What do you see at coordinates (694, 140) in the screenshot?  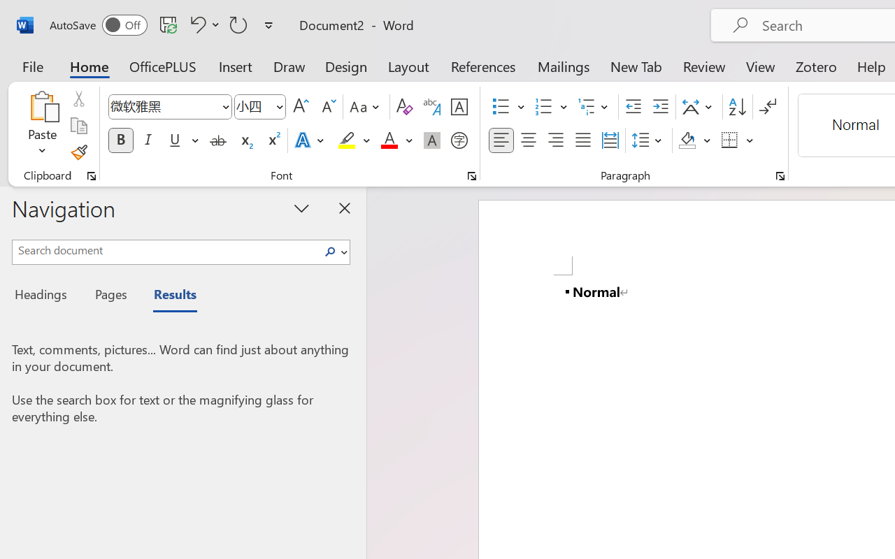 I see `'Shading'` at bounding box center [694, 140].